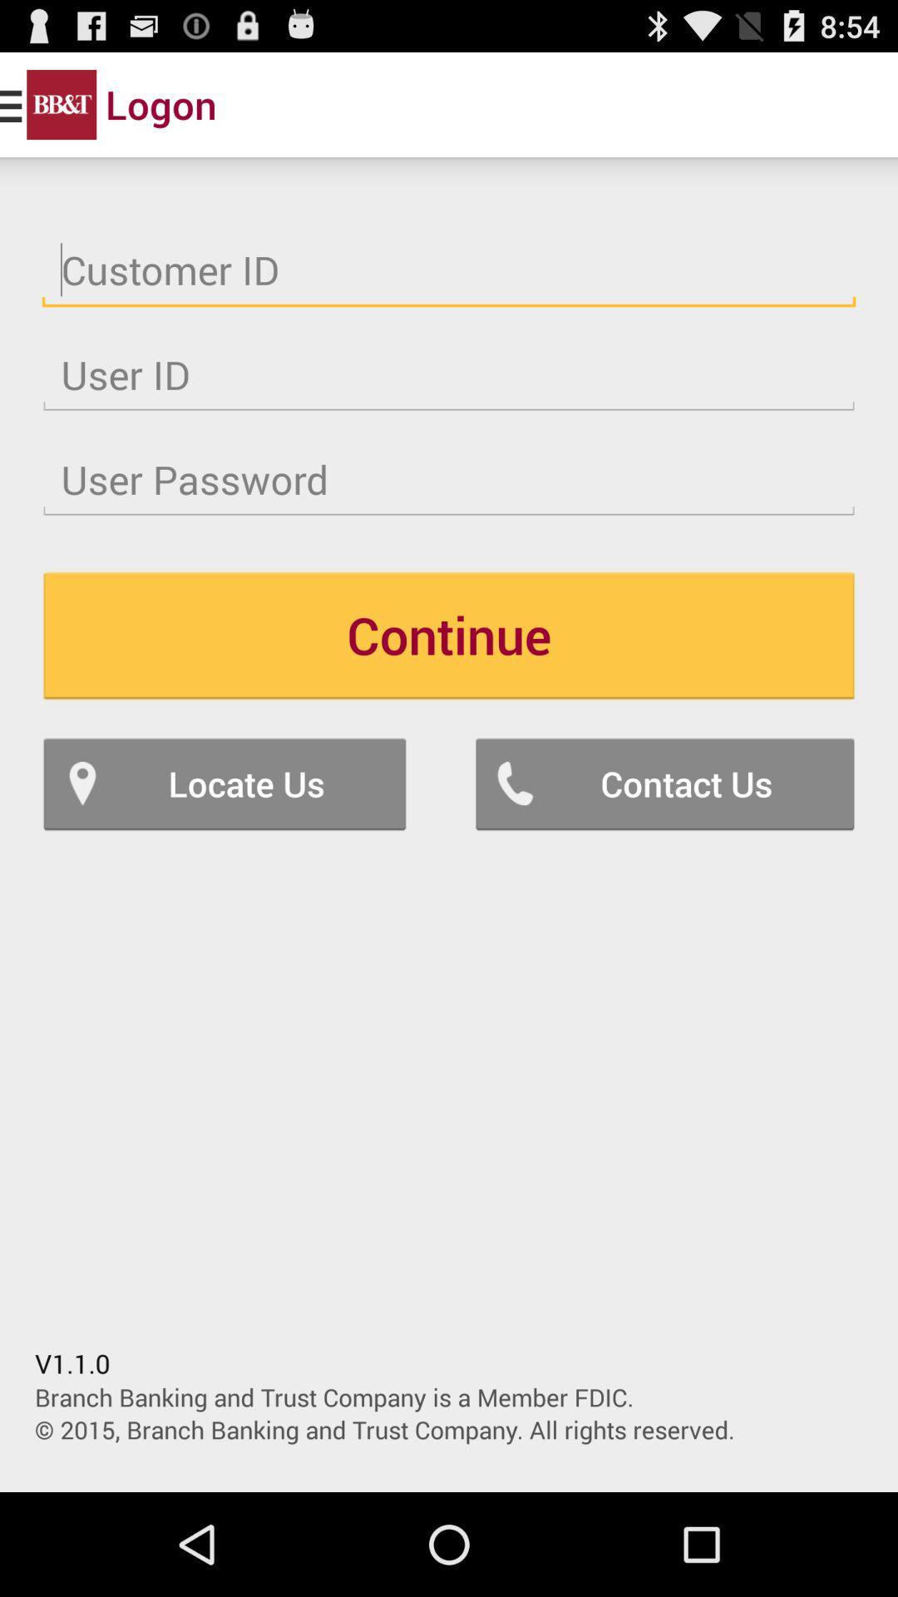 This screenshot has width=898, height=1597. Describe the element at coordinates (664, 783) in the screenshot. I see `the icon on the right` at that location.